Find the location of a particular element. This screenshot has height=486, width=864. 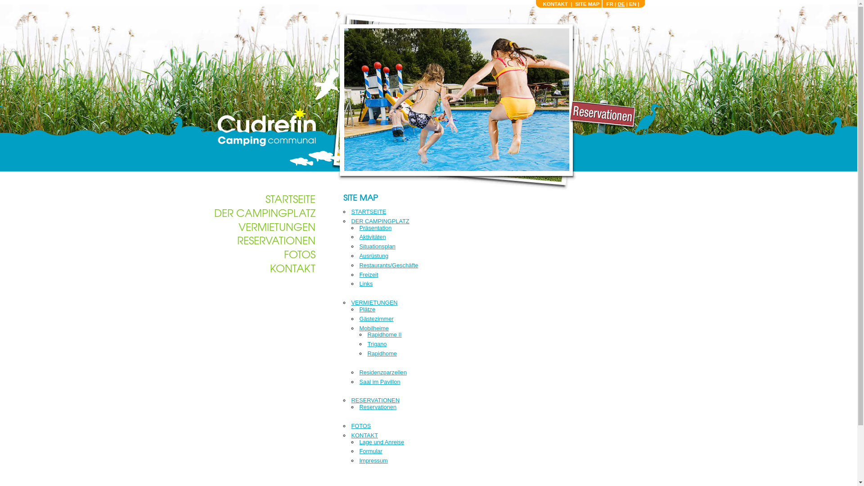

'Situationsplan' is located at coordinates (377, 246).